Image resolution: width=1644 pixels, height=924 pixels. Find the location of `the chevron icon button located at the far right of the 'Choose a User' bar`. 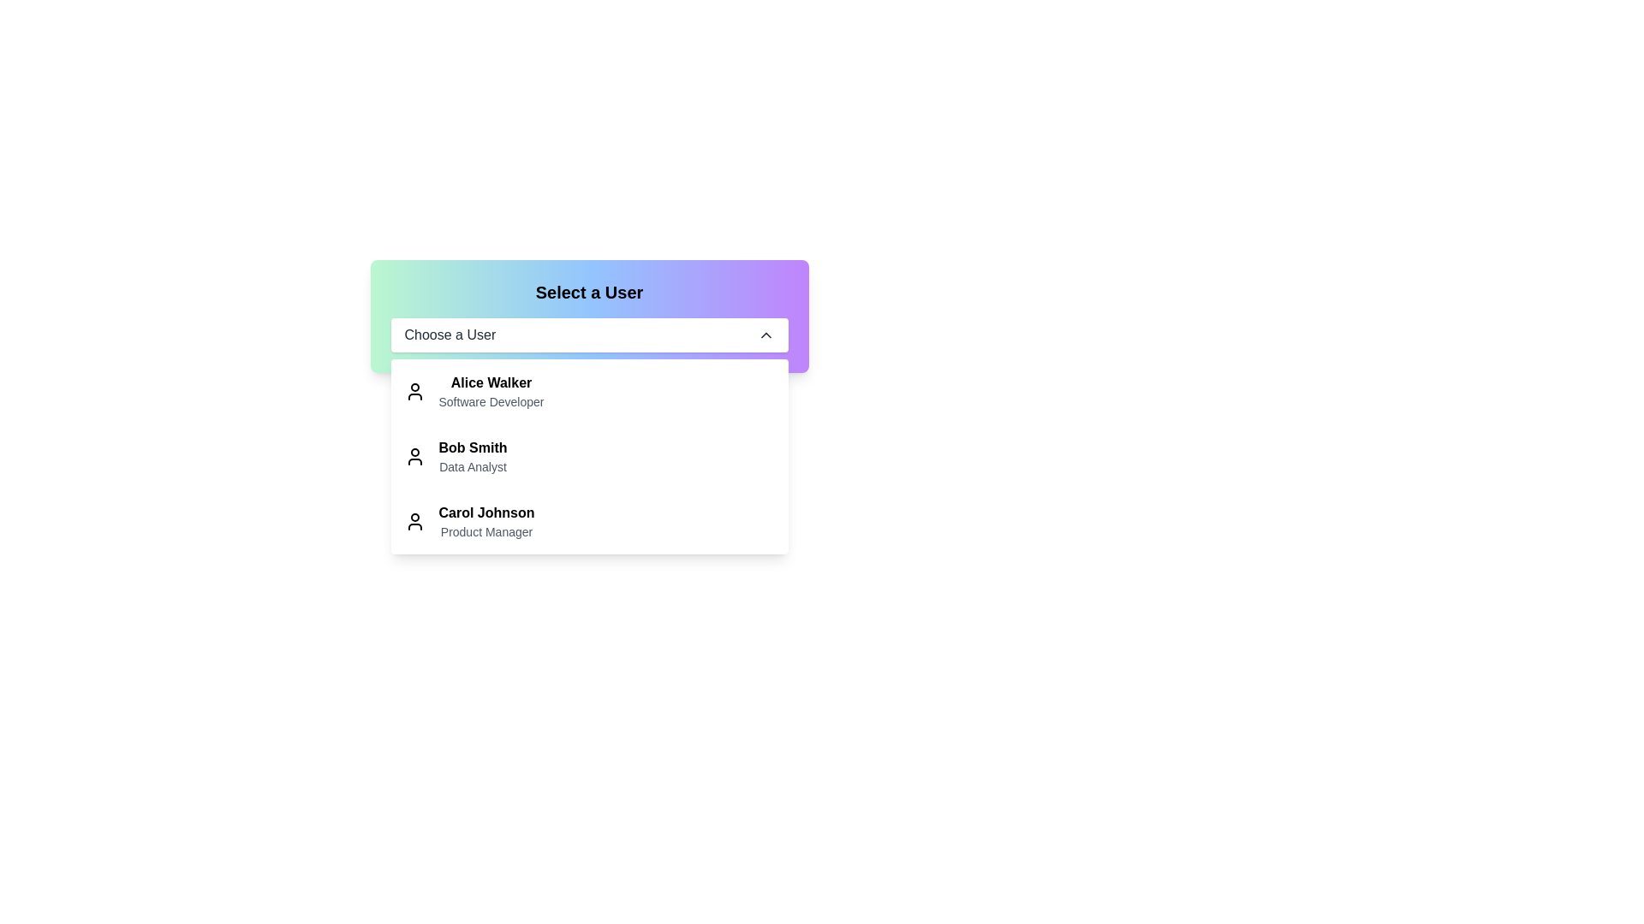

the chevron icon button located at the far right of the 'Choose a User' bar is located at coordinates (765, 335).